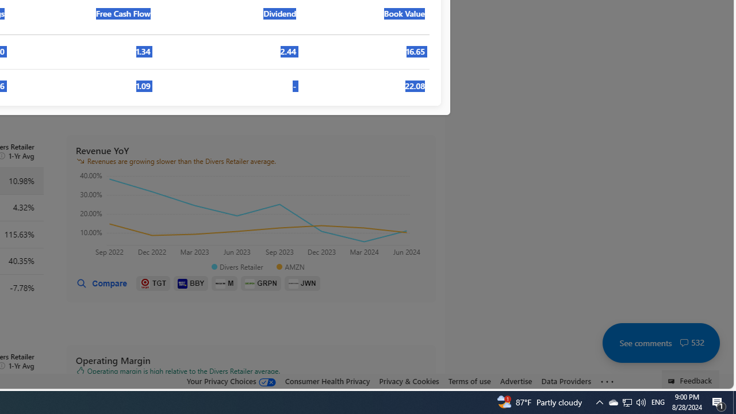 The image size is (736, 414). What do you see at coordinates (566, 381) in the screenshot?
I see `'Data Providers'` at bounding box center [566, 381].